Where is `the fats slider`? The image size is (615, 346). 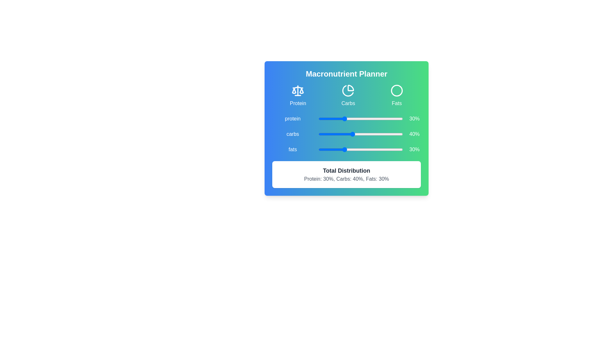
the fats slider is located at coordinates (352, 149).